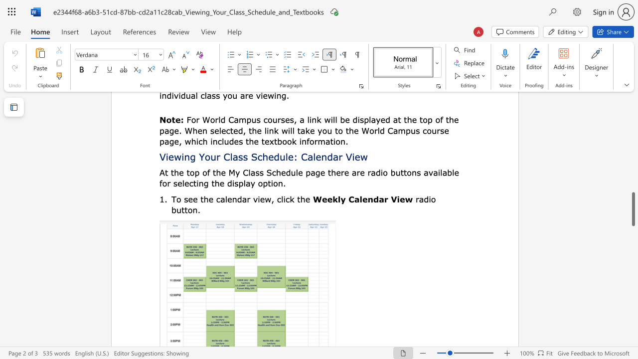 The height and width of the screenshot is (359, 638). What do you see at coordinates (633, 155) in the screenshot?
I see `the scrollbar on the right to move the page upward` at bounding box center [633, 155].